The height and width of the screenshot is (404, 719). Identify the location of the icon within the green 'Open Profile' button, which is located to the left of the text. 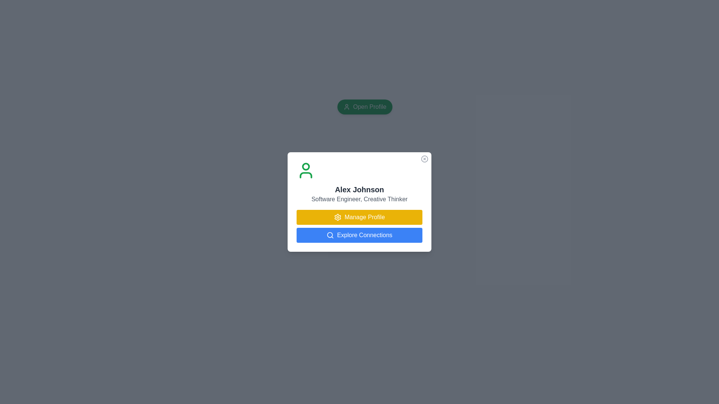
(346, 107).